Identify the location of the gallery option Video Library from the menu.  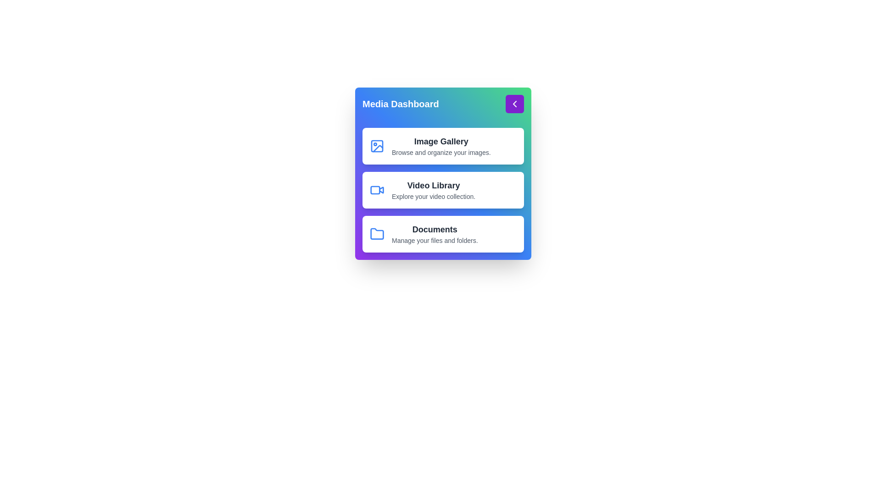
(443, 190).